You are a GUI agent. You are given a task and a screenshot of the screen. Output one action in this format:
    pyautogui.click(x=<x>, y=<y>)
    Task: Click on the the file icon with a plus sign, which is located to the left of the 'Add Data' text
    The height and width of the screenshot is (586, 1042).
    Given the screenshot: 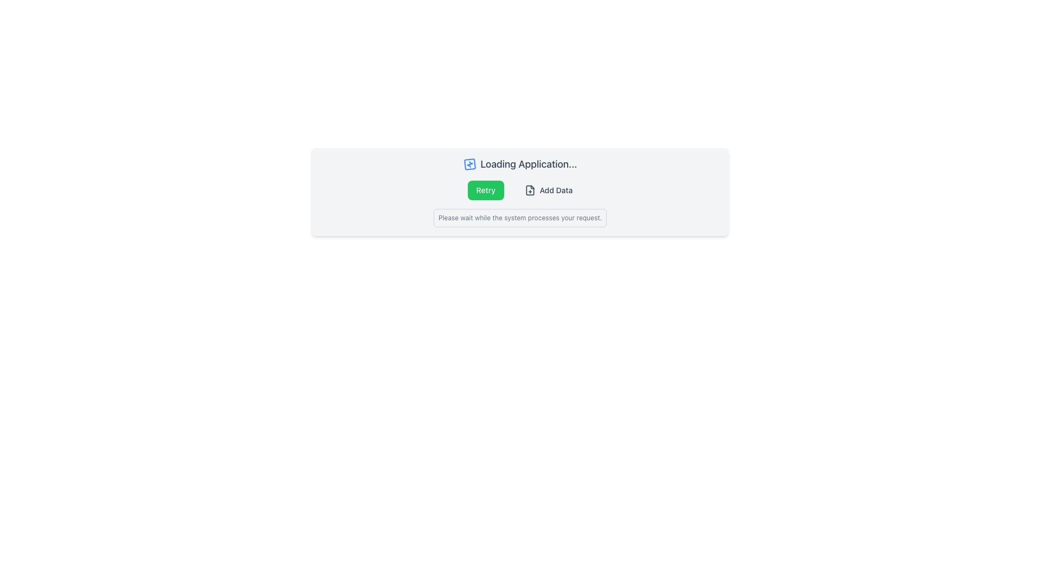 What is the action you would take?
    pyautogui.click(x=530, y=190)
    